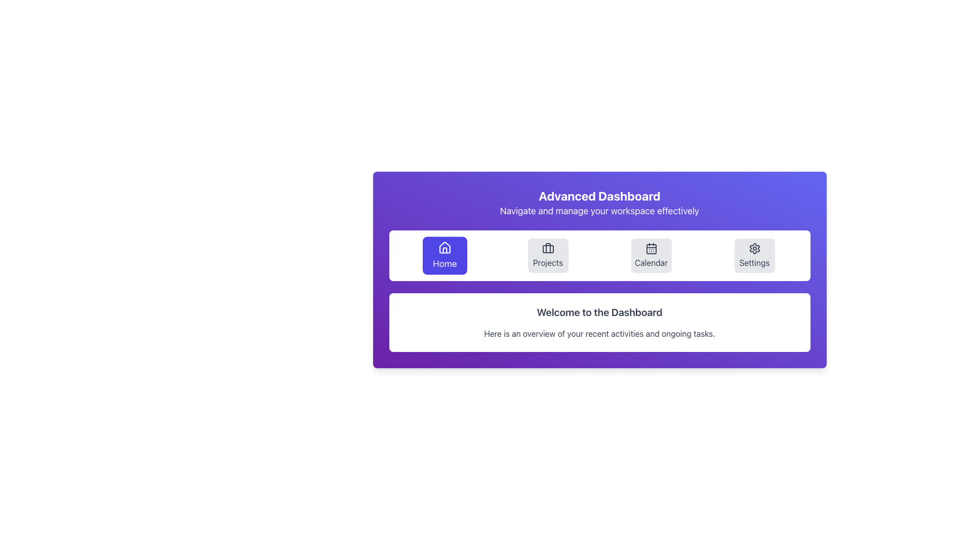  Describe the element at coordinates (599, 334) in the screenshot. I see `the Text label that displays contextual insights about recent activities and tasks, positioned below the 'Welcome to the Dashboard' title within a centered card` at that location.